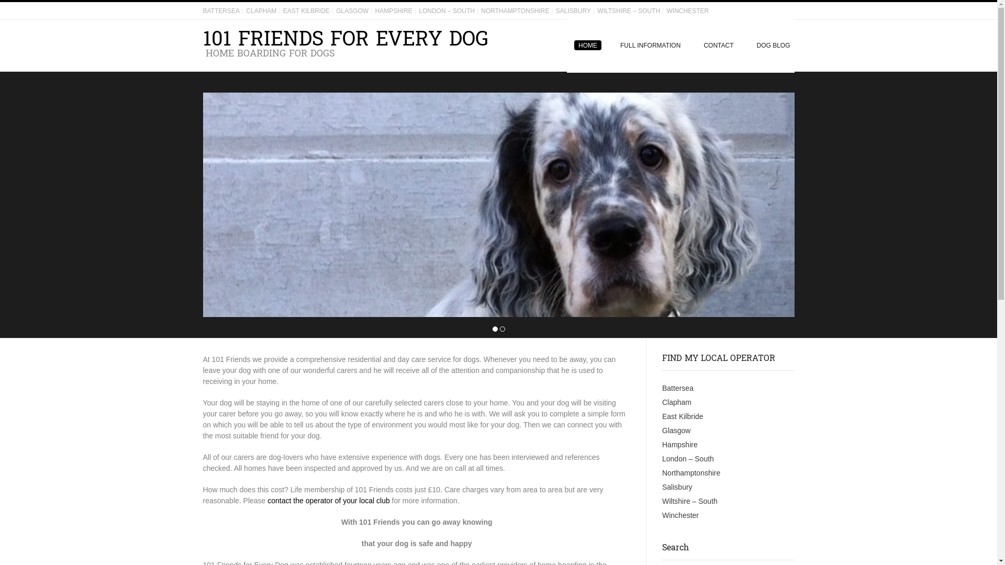 This screenshot has height=565, width=1005. I want to click on 'Northamptonshire', so click(691, 472).